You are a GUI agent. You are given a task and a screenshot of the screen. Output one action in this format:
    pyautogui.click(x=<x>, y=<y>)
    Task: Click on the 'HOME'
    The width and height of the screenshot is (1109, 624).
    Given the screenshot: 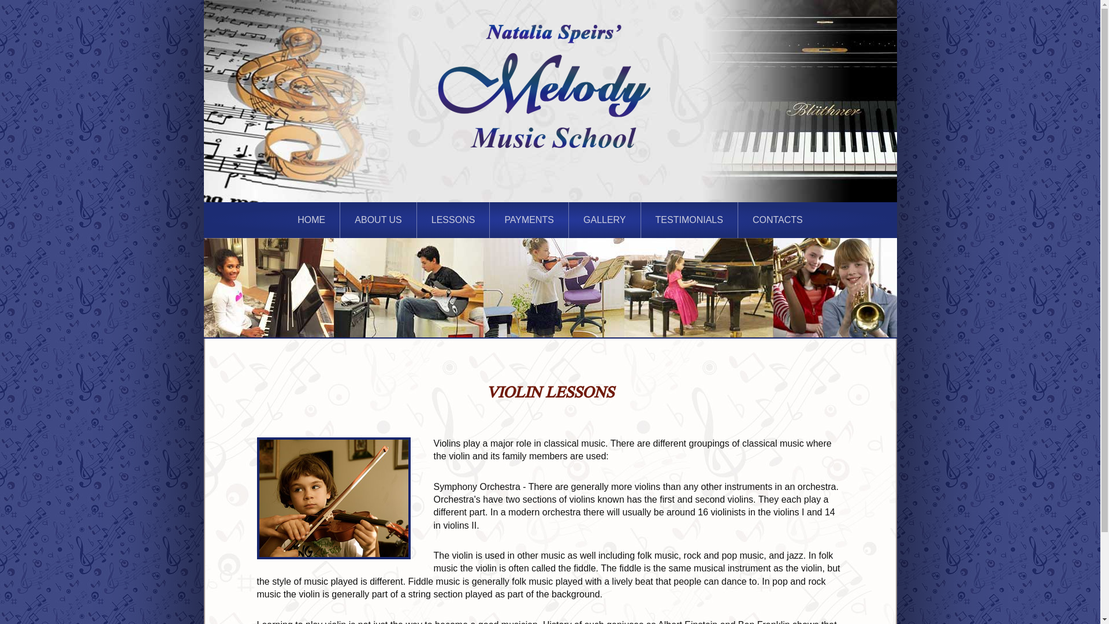 What is the action you would take?
    pyautogui.click(x=311, y=220)
    